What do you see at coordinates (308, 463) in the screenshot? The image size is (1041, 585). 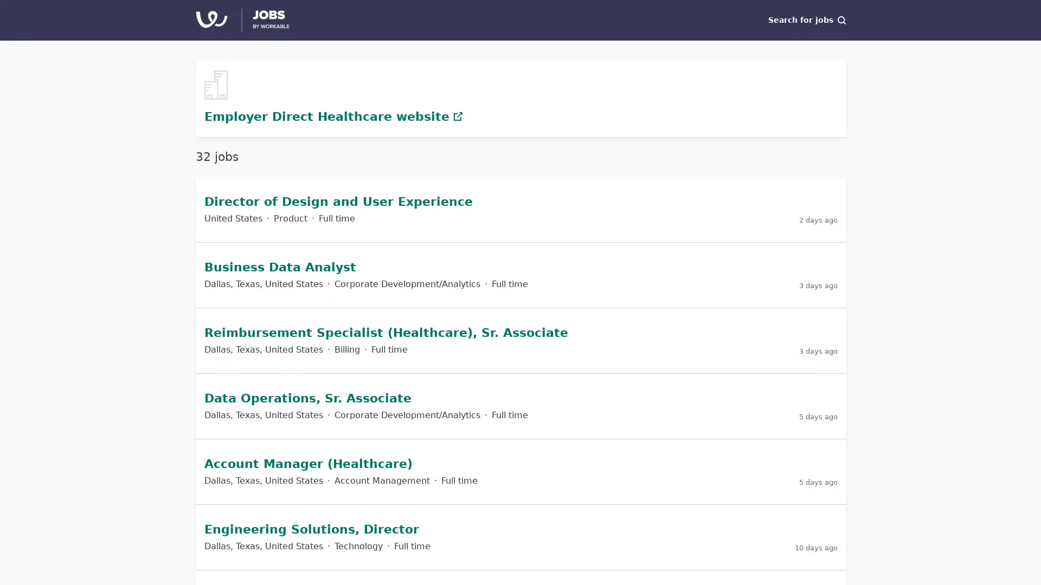 I see `Account Manager (Healthcare)` at bounding box center [308, 463].